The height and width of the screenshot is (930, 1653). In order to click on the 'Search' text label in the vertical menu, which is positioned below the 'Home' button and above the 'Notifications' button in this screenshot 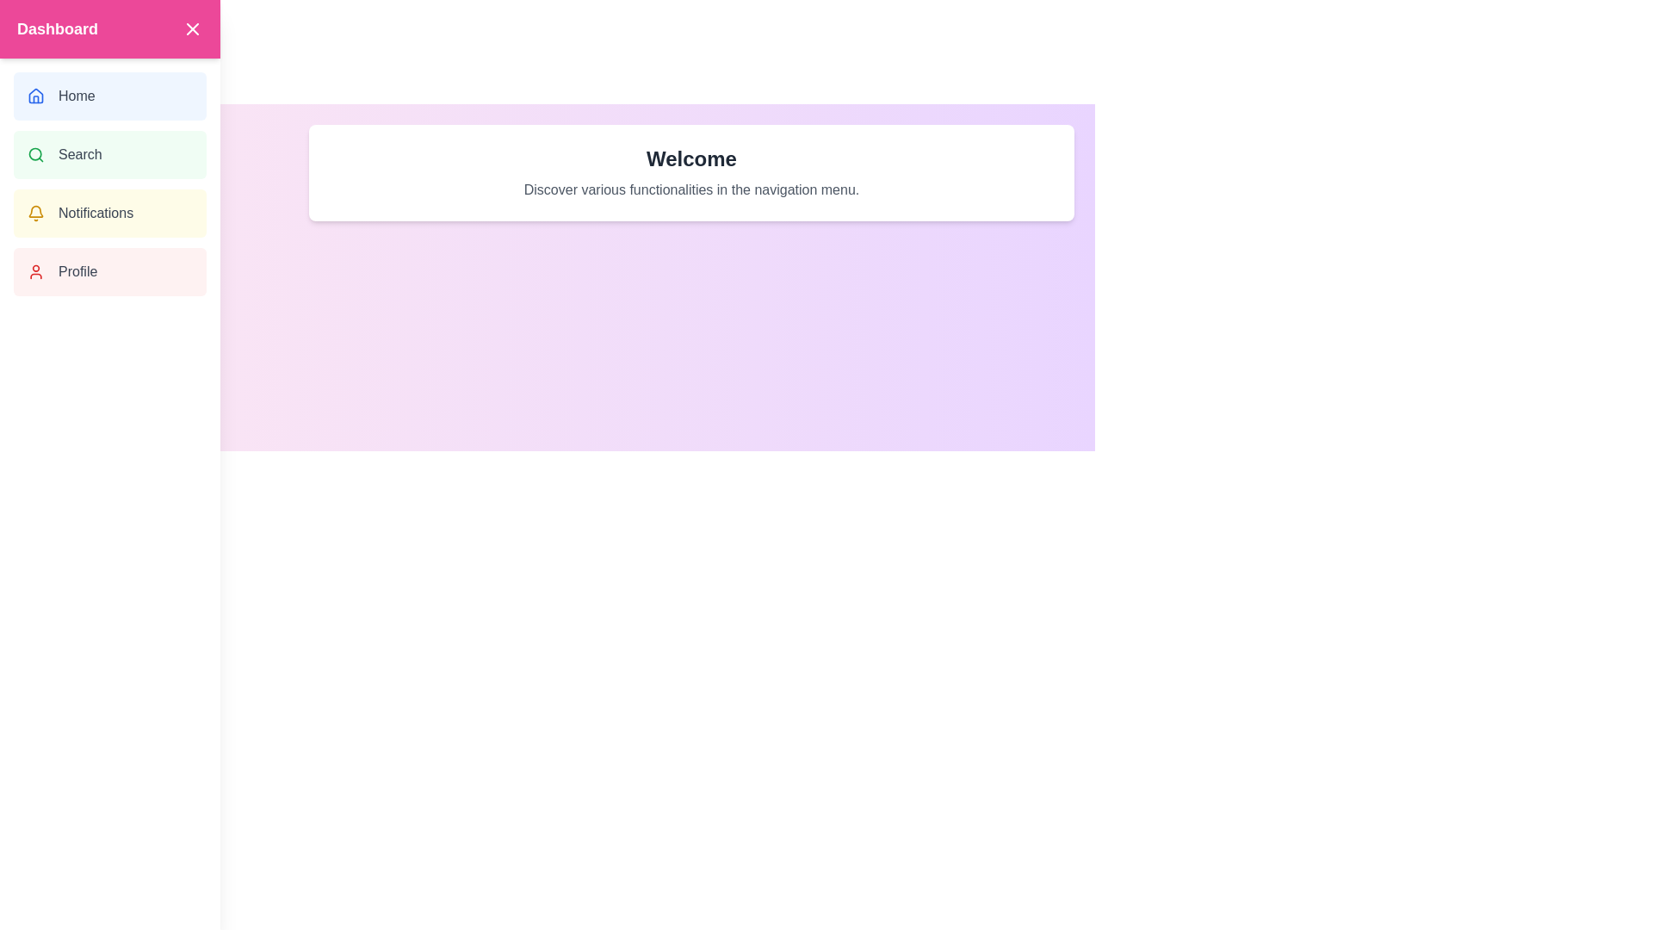, I will do `click(79, 155)`.